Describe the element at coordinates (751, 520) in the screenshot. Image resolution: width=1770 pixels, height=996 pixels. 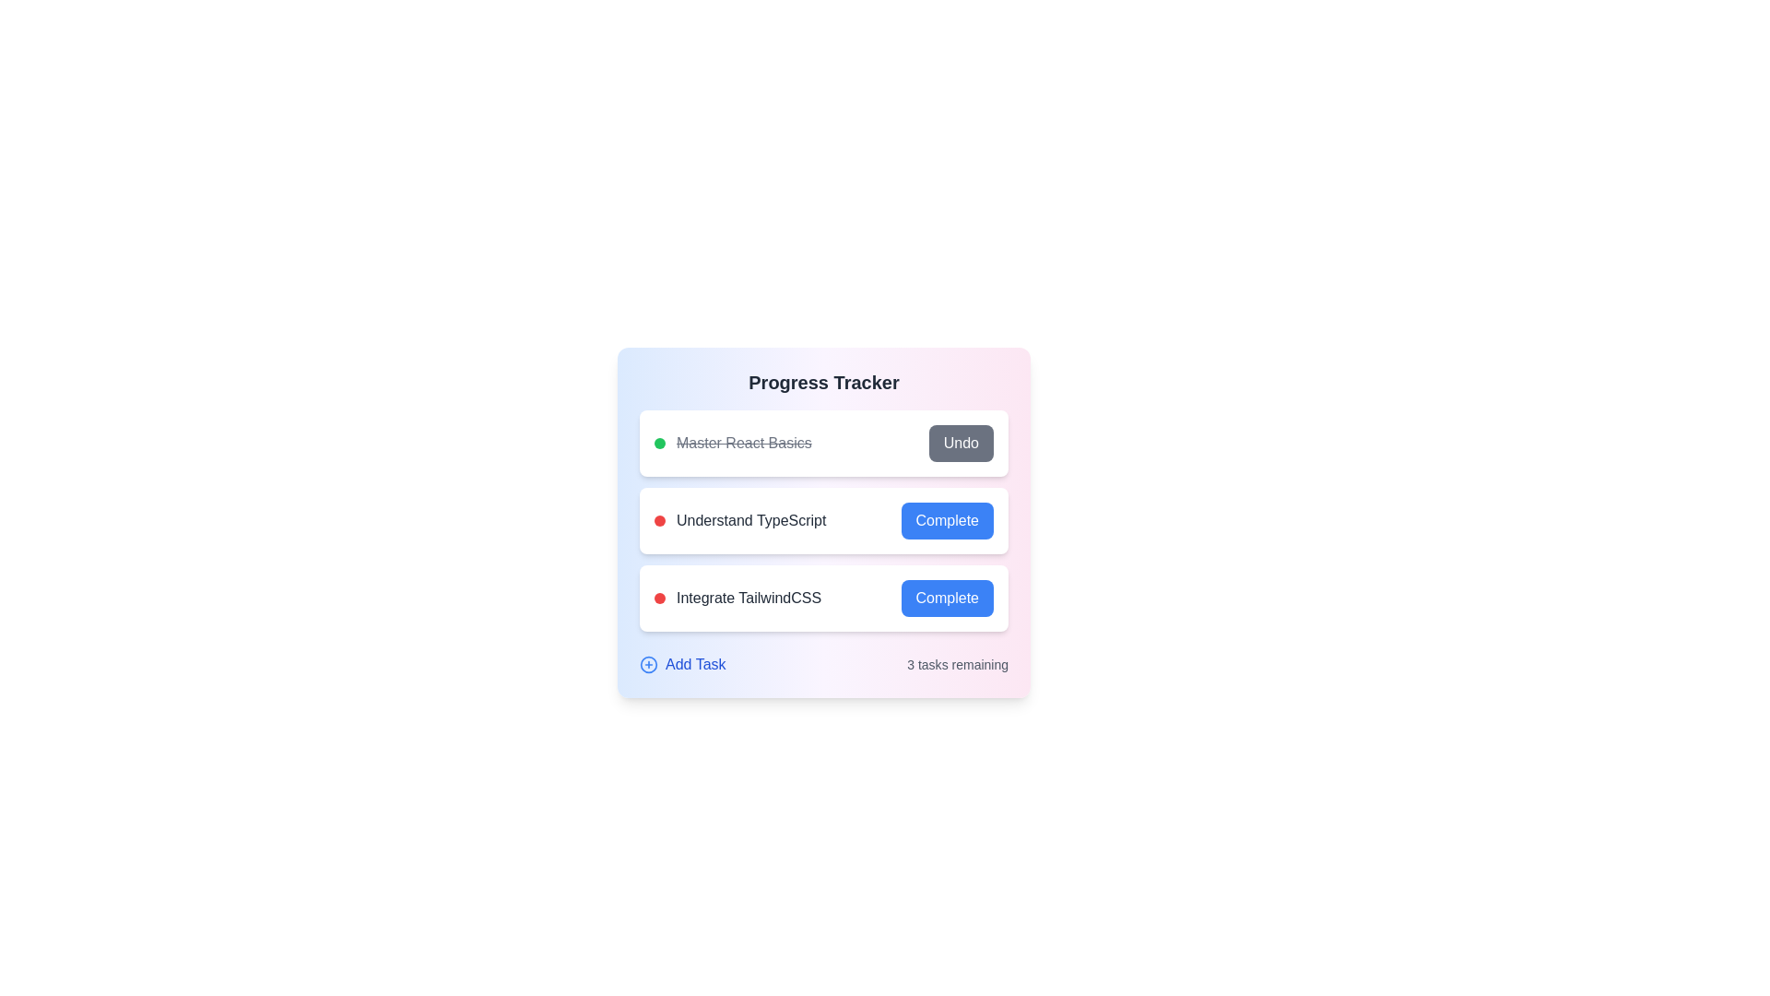
I see `the text element displaying 'Understand TypeScript' in the progress tracker interface, which is horizontally centered and part of a card with a light background` at that location.